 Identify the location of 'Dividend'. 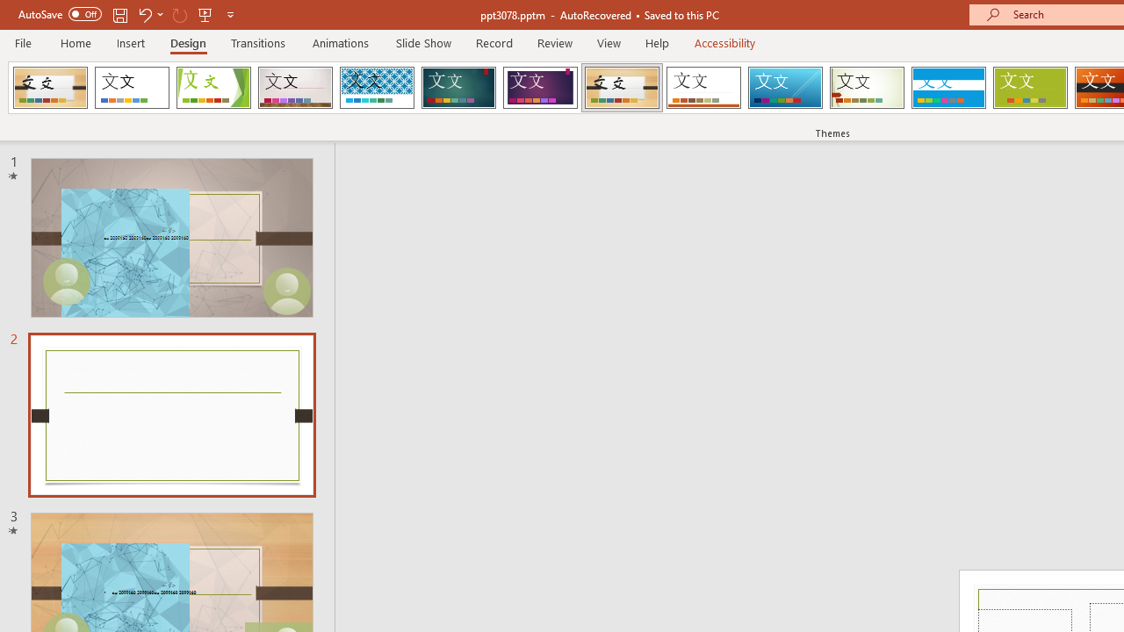
(50, 88).